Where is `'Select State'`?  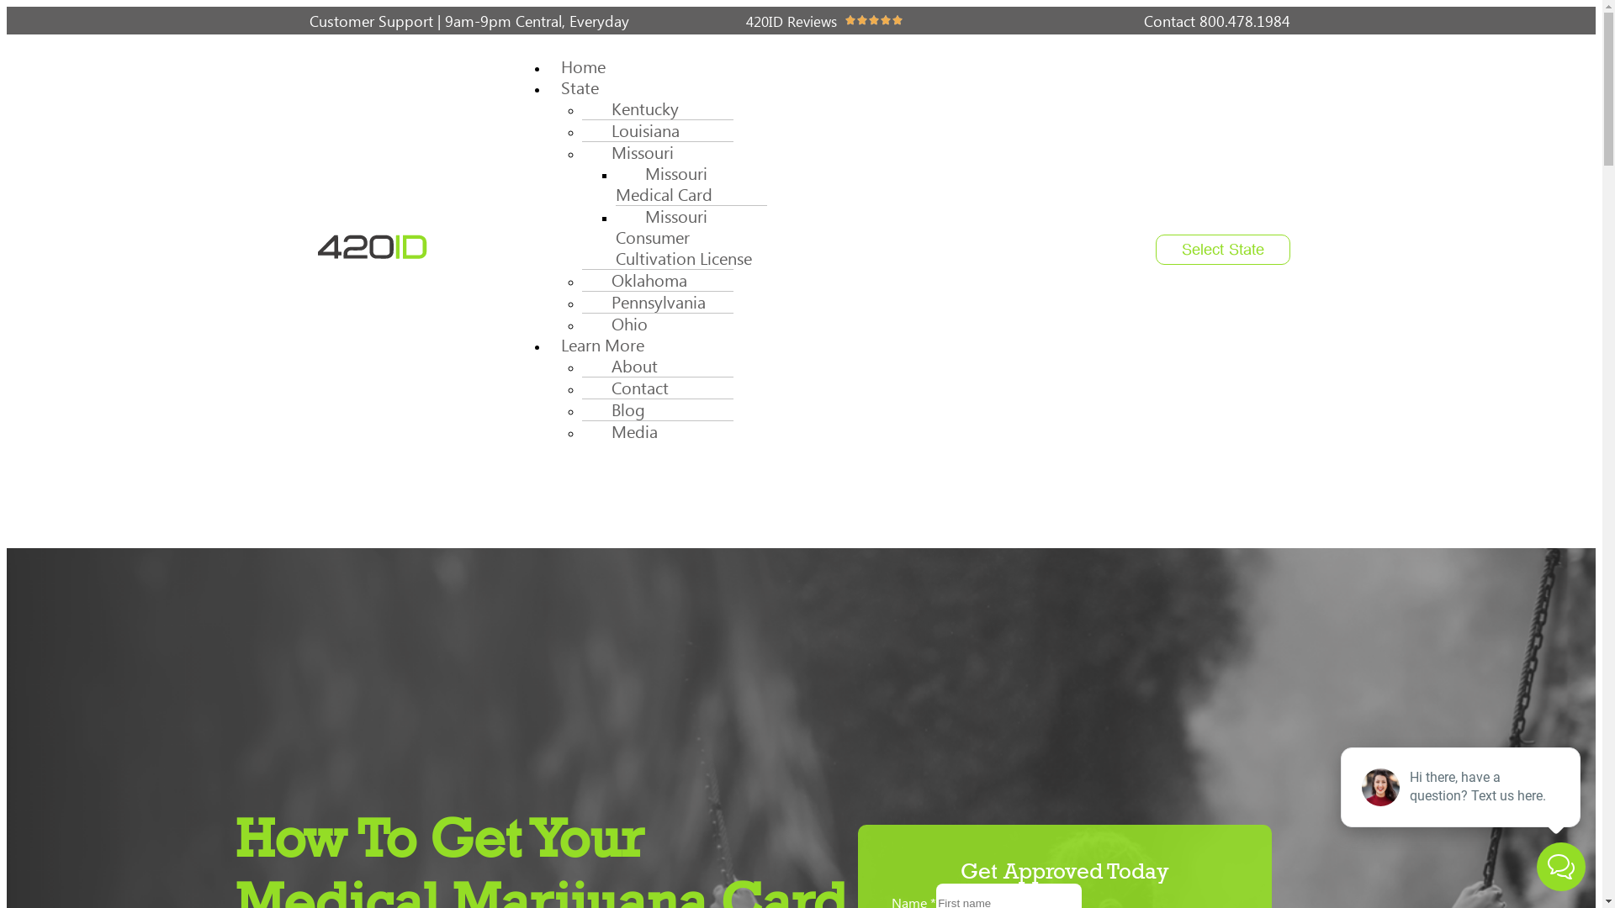 'Select State' is located at coordinates (1223, 249).